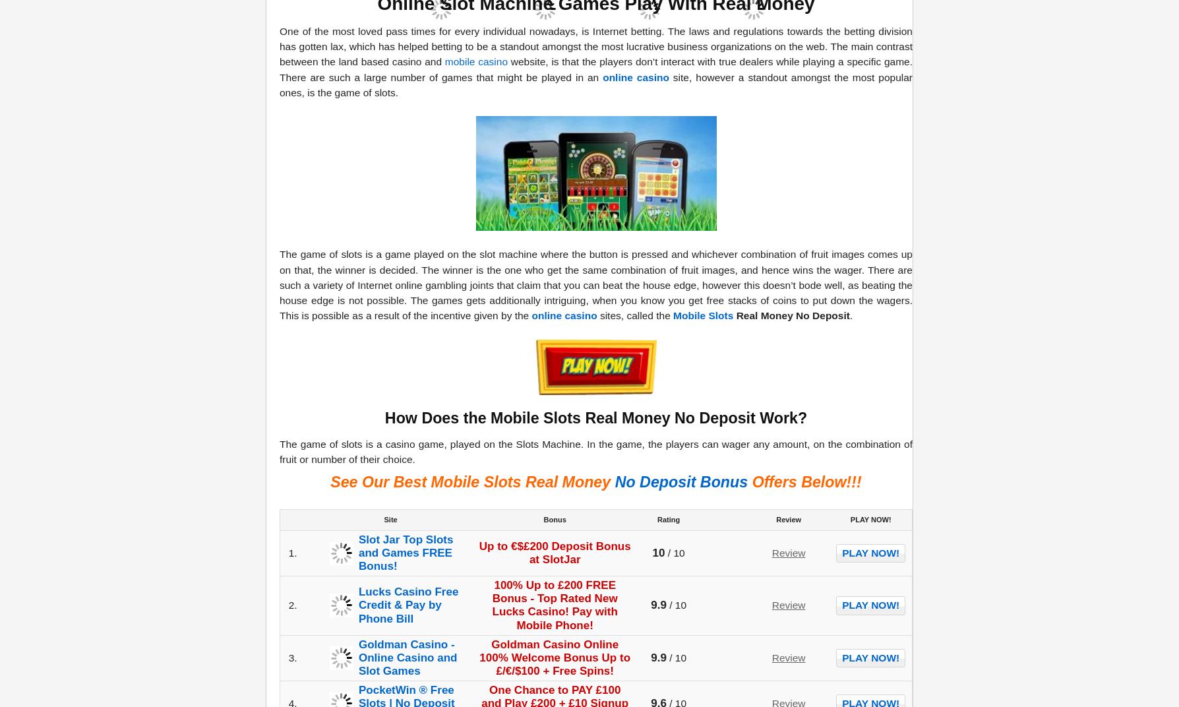 The image size is (1179, 707). Describe the element at coordinates (596, 84) in the screenshot. I see `'site, however a standout amongst the most popular ones, is the game of slots.'` at that location.